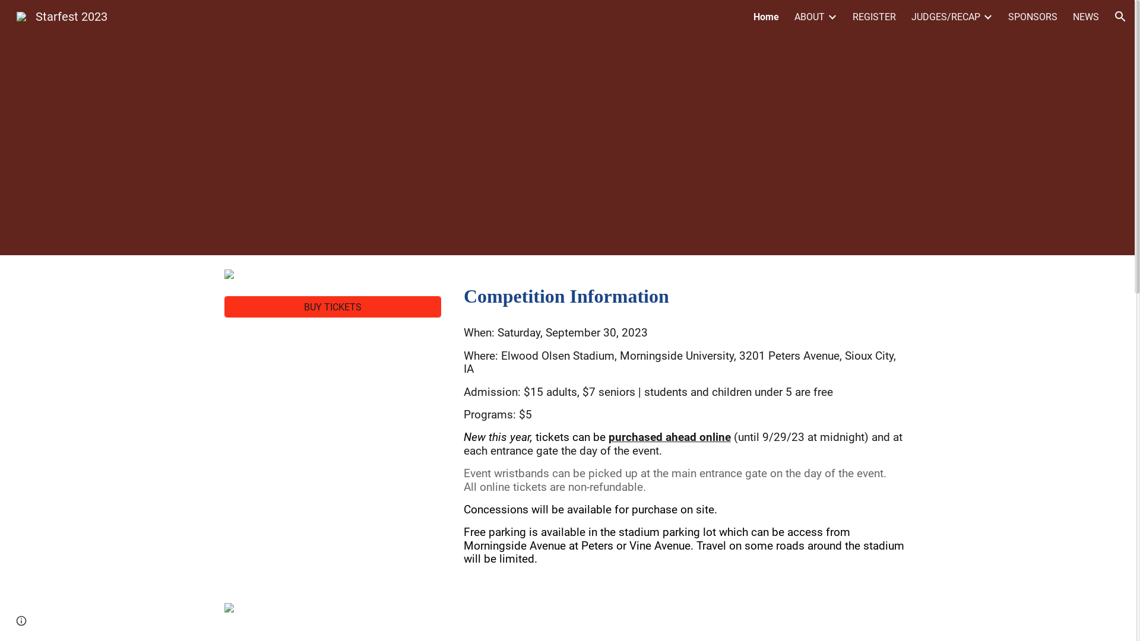 The image size is (1140, 641). What do you see at coordinates (752, 16) in the screenshot?
I see `'Home'` at bounding box center [752, 16].